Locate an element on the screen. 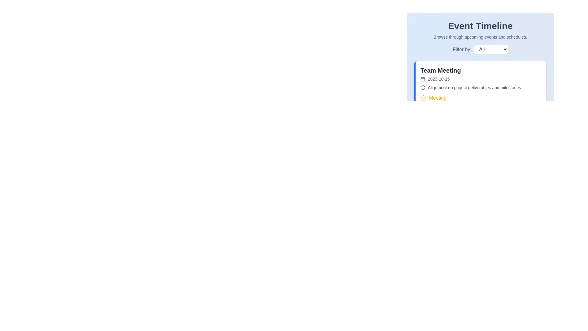 The image size is (588, 331). the star icon located to the left of the 'Meeting' text in the section highlighting details about a 'Team Meeting' is located at coordinates (423, 98).